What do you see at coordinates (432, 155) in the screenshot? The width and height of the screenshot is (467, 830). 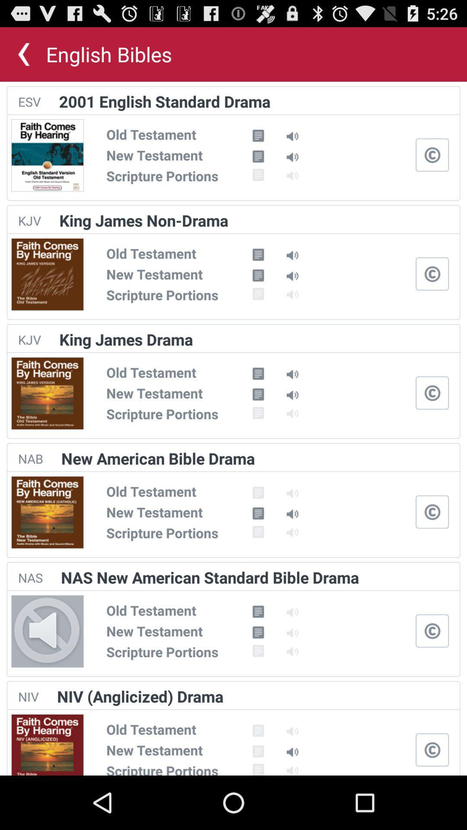 I see `closed captioning` at bounding box center [432, 155].